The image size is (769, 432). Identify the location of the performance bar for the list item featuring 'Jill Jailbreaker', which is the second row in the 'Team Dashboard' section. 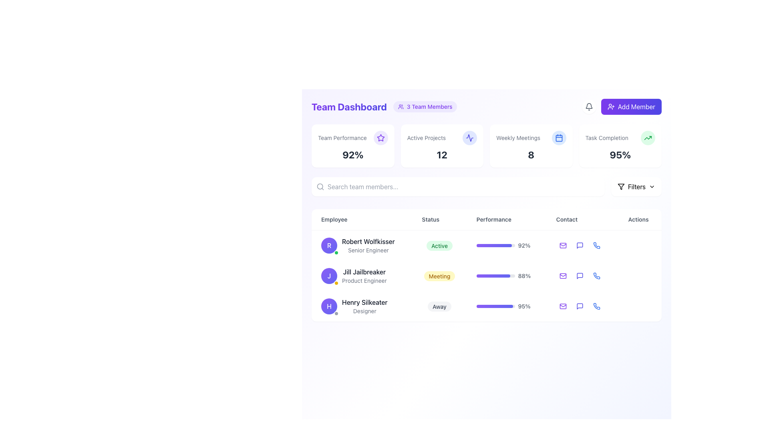
(486, 276).